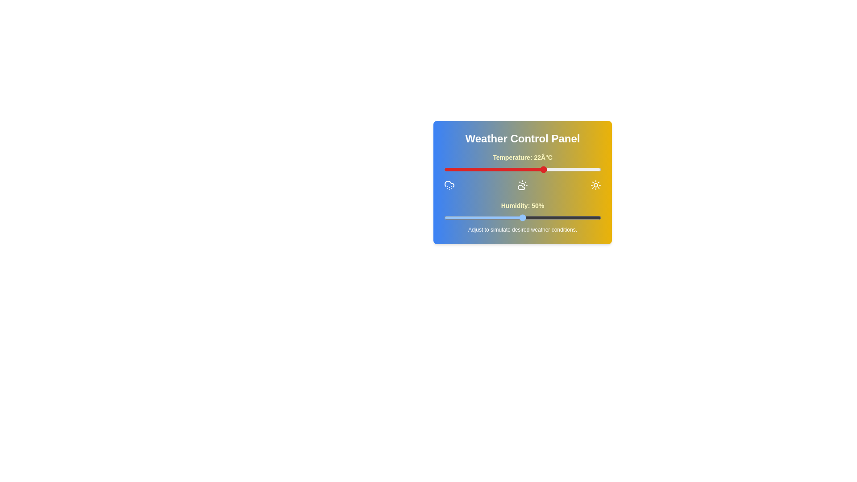 Image resolution: width=857 pixels, height=482 pixels. What do you see at coordinates (552, 218) in the screenshot?
I see `the humidity` at bounding box center [552, 218].